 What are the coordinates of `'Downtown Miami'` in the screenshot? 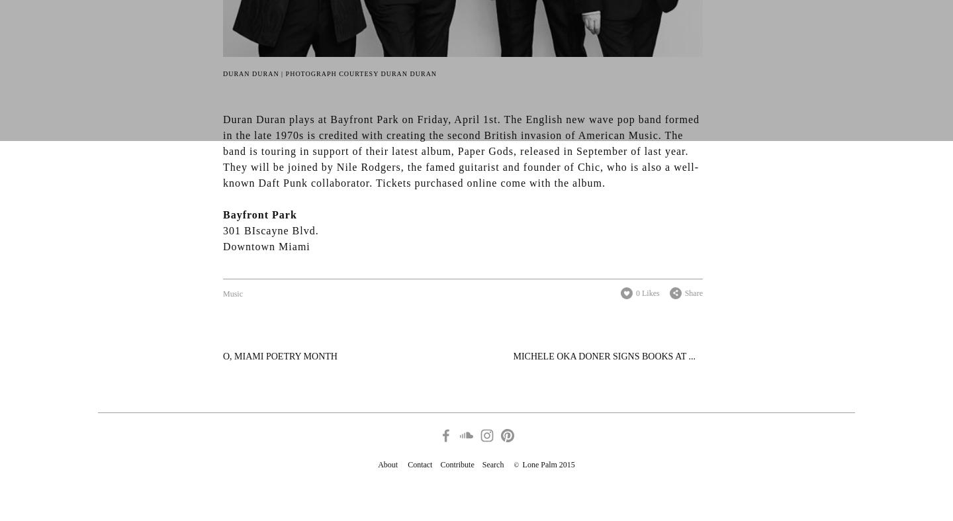 It's located at (265, 245).